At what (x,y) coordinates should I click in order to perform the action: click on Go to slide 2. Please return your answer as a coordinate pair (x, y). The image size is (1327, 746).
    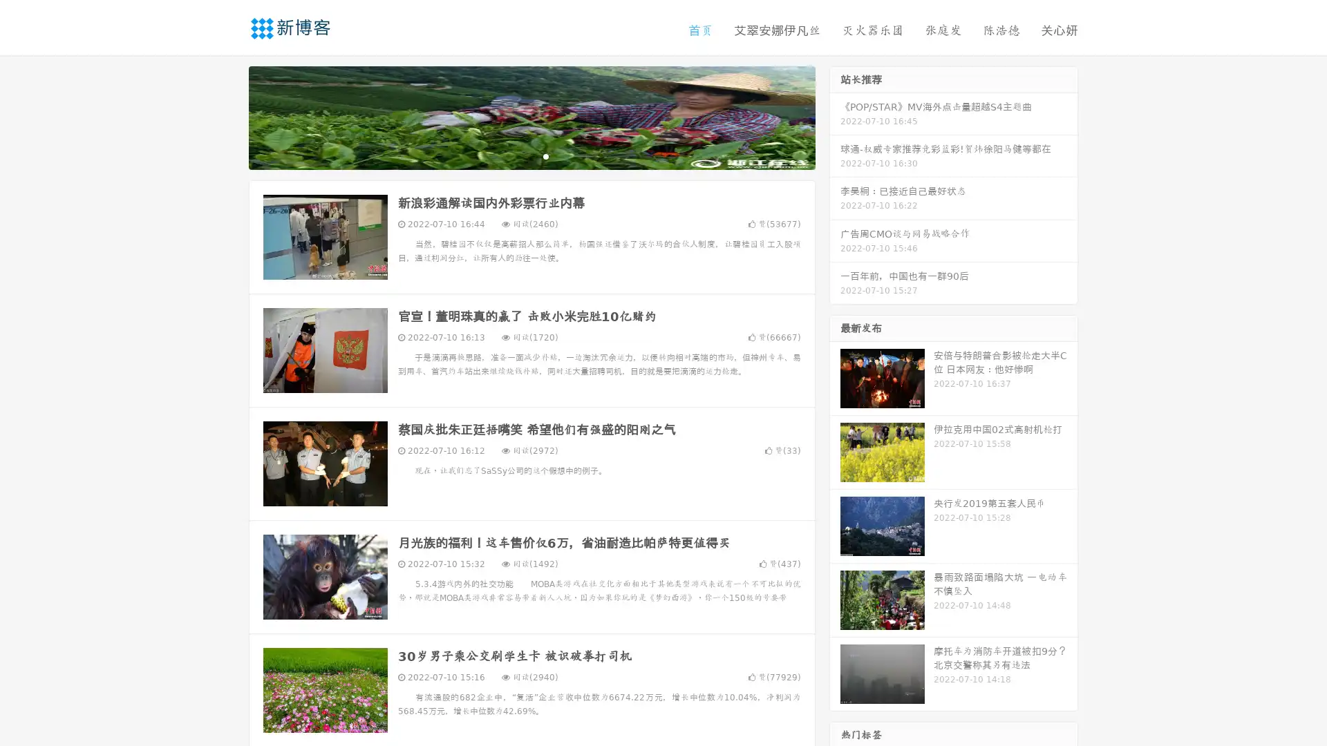
    Looking at the image, I should click on (531, 155).